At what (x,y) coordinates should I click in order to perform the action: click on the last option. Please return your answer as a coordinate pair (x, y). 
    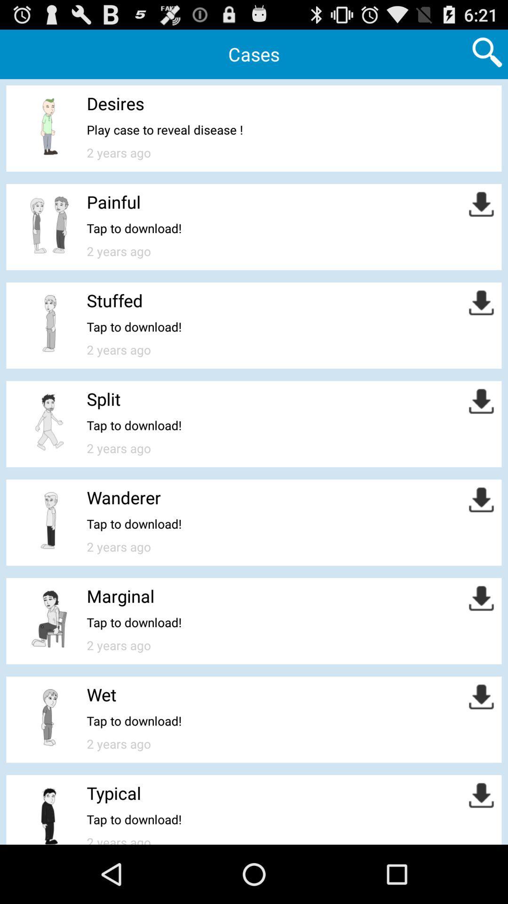
    Looking at the image, I should click on (49, 811).